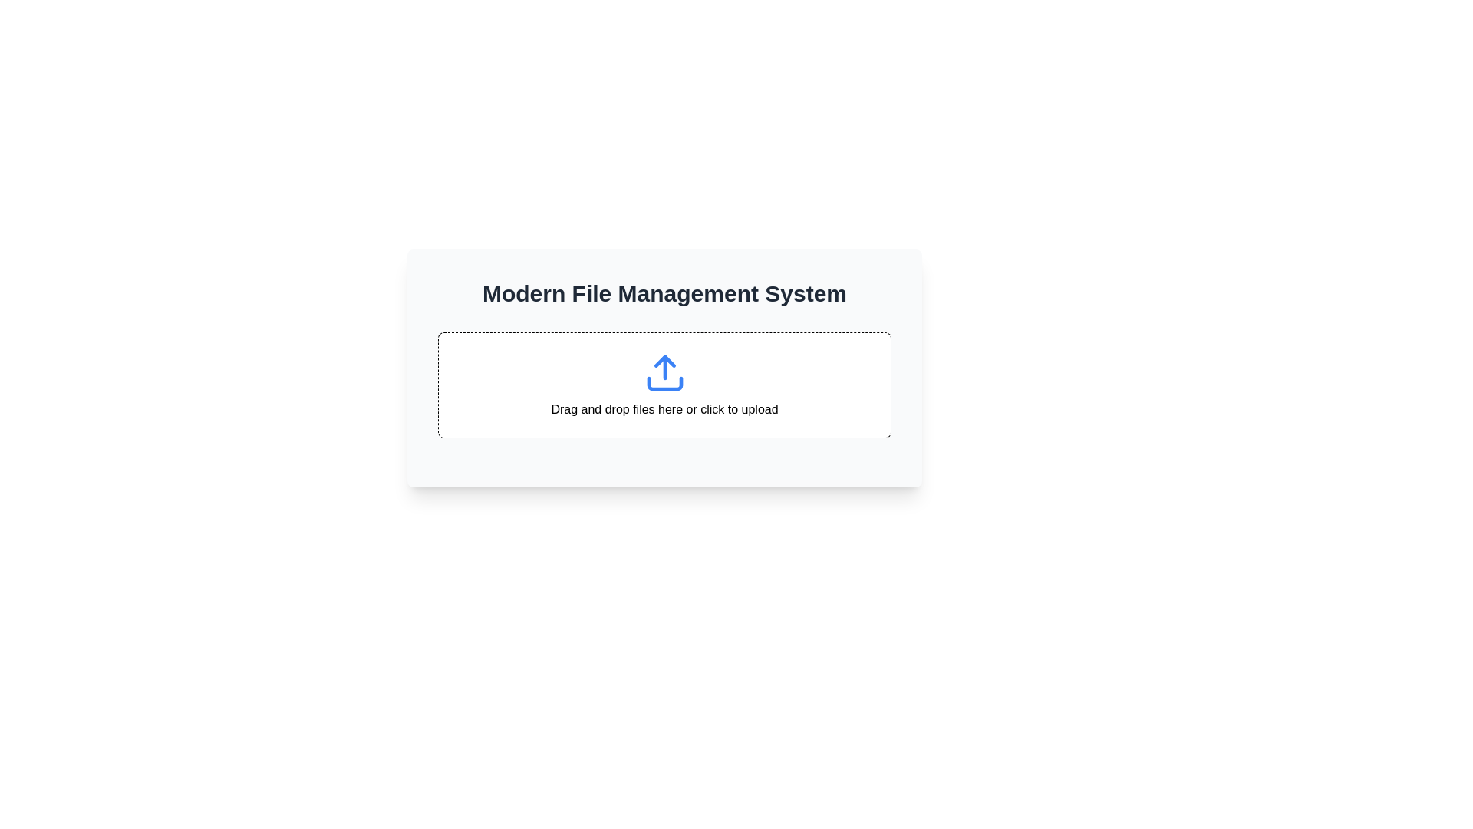 Image resolution: width=1473 pixels, height=829 pixels. I want to click on the heading text 'Modern File Management System' which is prominently displayed at the top center of the content box, so click(664, 293).